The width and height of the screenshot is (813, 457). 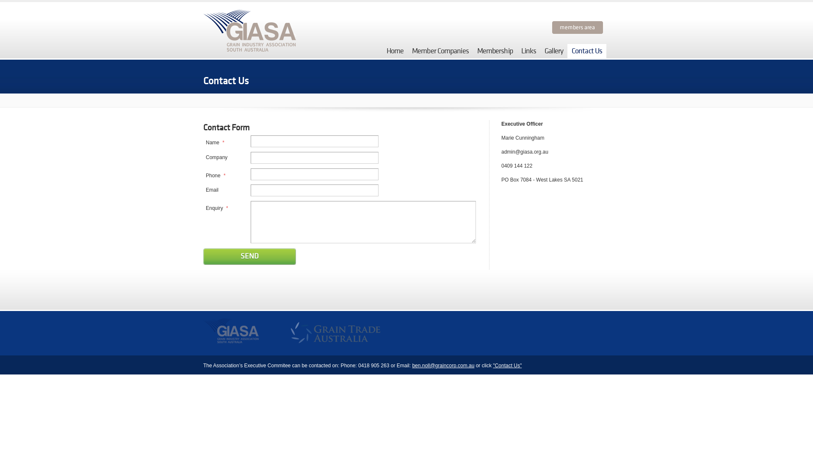 I want to click on 'GIASA', so click(x=203, y=333).